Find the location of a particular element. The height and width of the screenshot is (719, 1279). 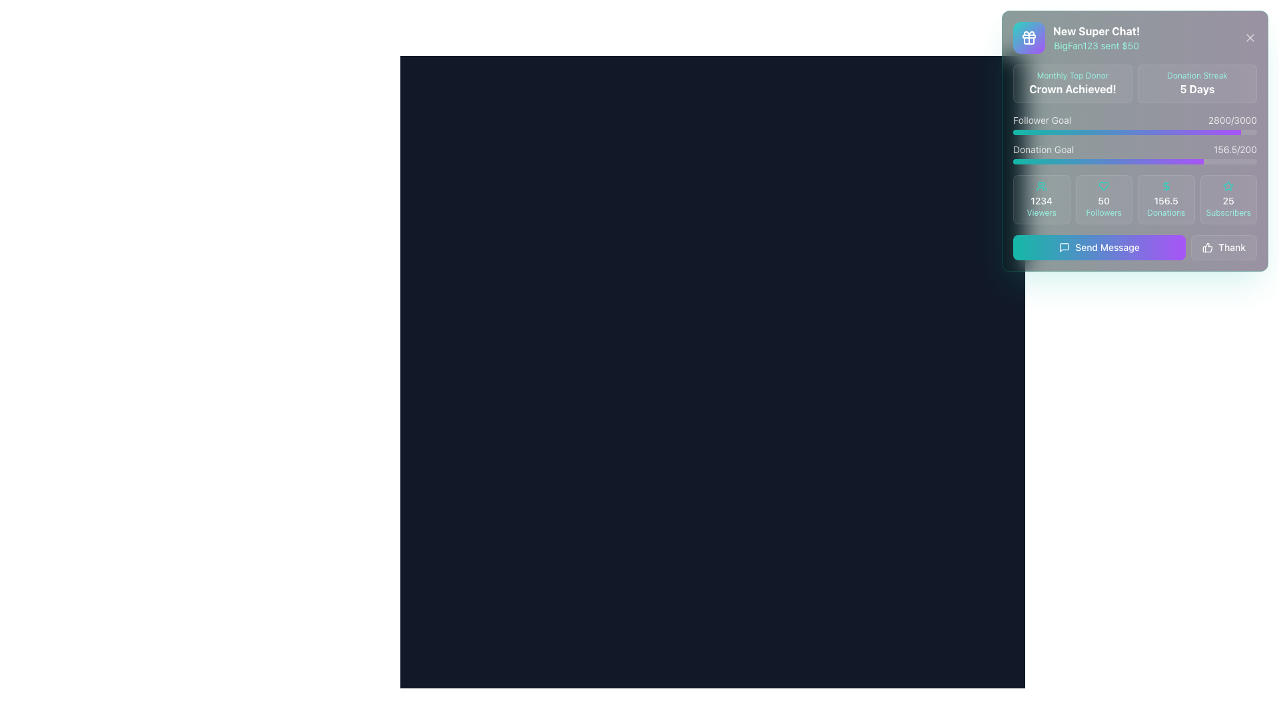

the 'viewers' label, which displays the term in teal color and is located below the number '1234' on the lower-right side of the user statistics card is located at coordinates (1041, 212).